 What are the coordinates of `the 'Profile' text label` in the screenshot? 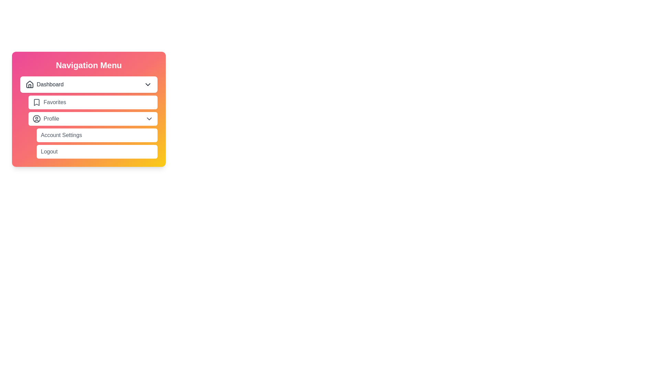 It's located at (45, 119).